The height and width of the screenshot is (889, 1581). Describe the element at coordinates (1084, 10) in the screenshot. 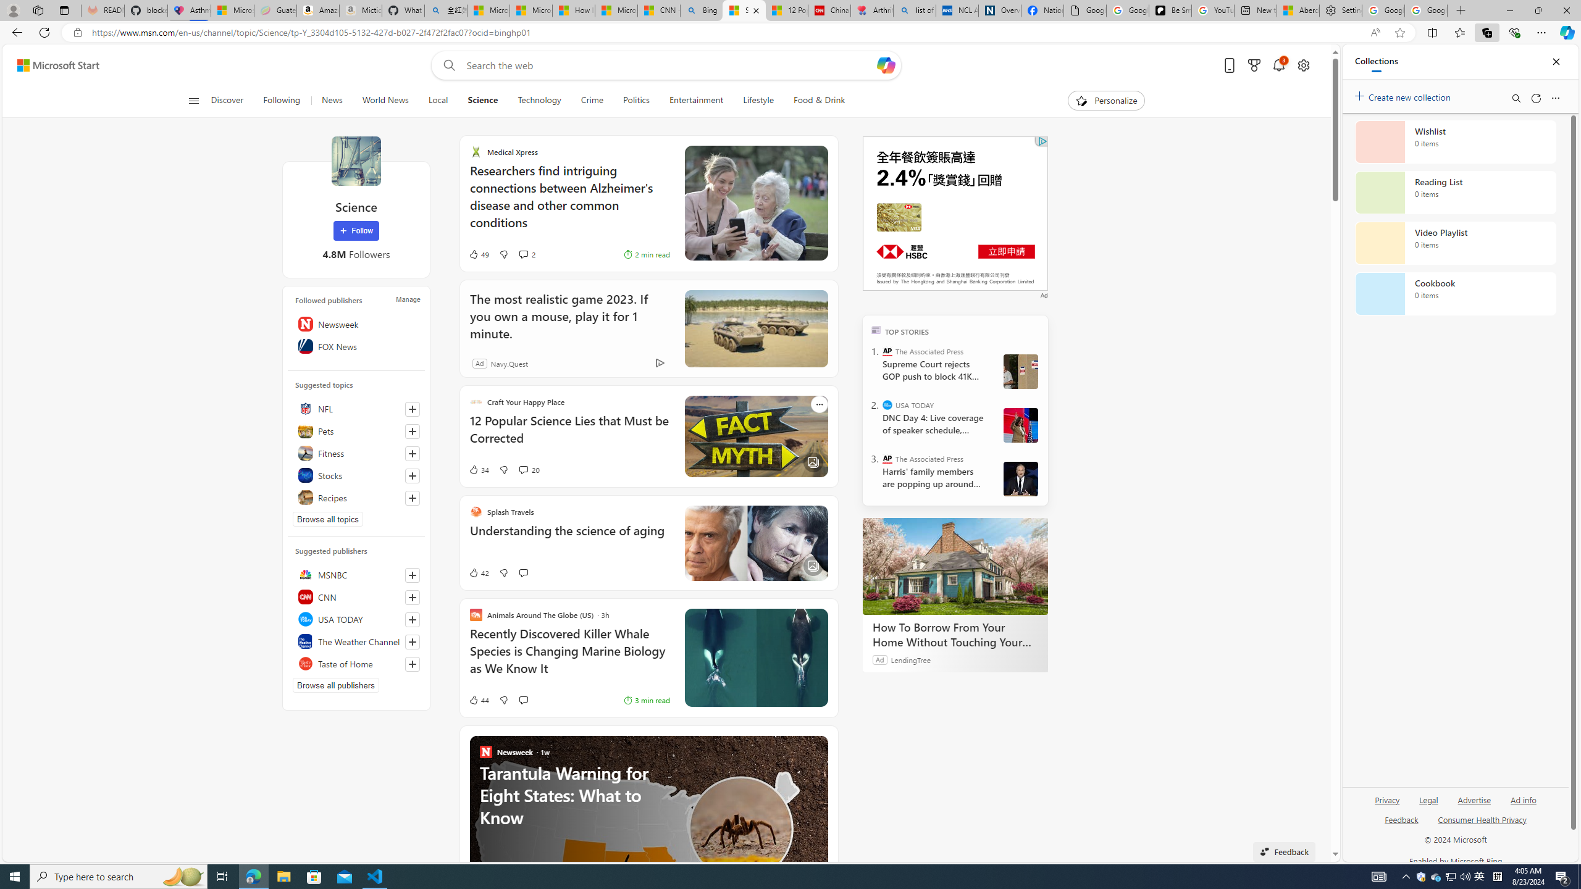

I see `'Google Analytics Opt-out Browser Add-on Download Page'` at that location.